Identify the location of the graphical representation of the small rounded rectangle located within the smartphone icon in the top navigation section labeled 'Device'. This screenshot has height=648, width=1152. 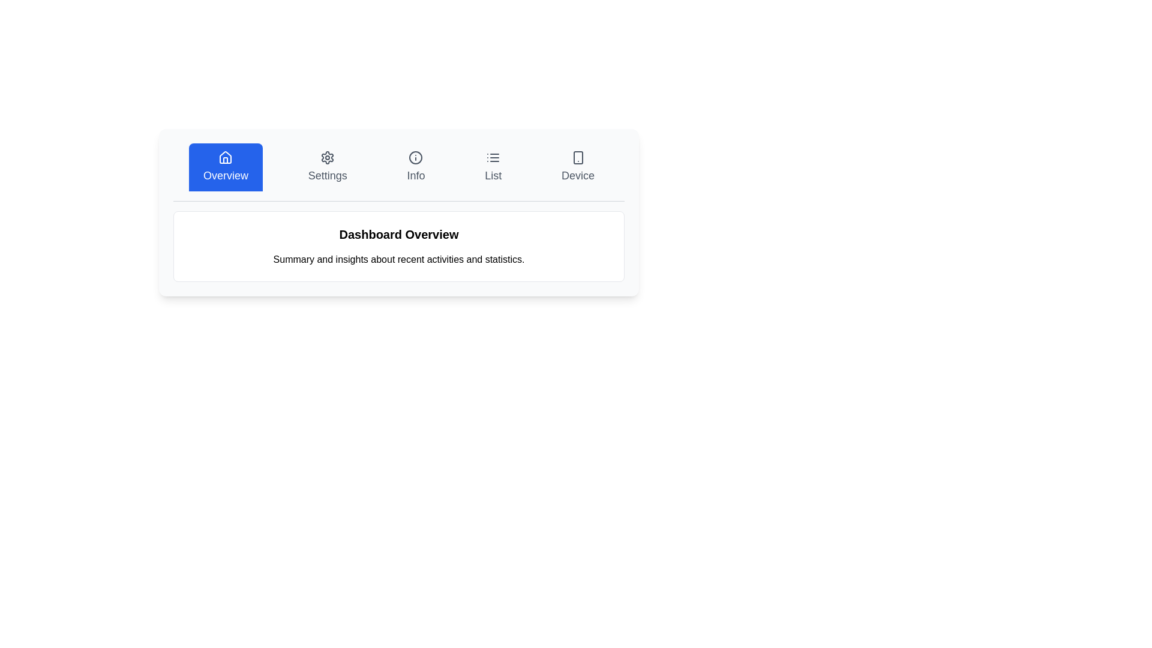
(578, 157).